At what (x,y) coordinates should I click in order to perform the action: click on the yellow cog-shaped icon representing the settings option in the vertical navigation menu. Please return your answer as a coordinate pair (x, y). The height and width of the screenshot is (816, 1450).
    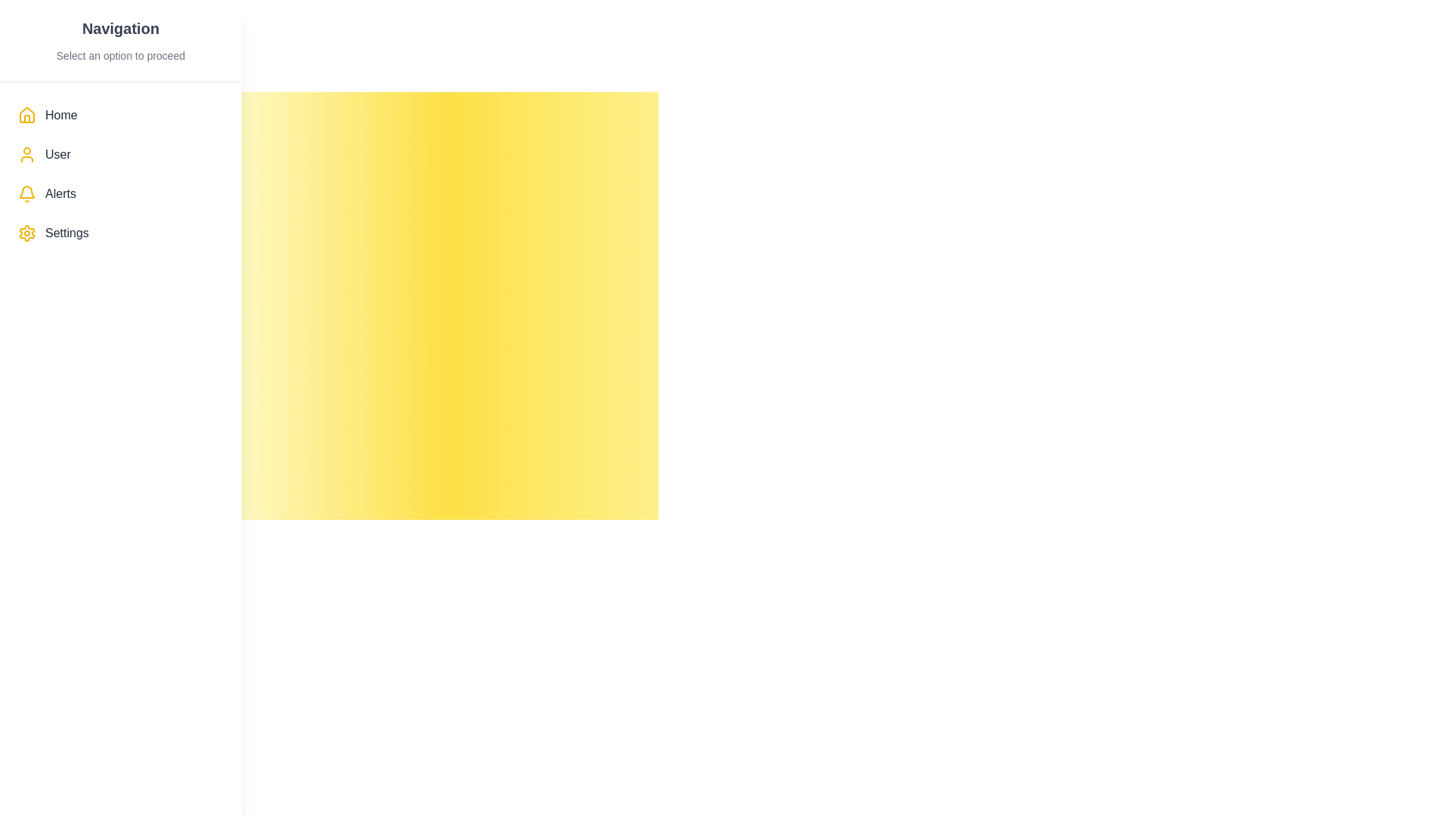
    Looking at the image, I should click on (26, 233).